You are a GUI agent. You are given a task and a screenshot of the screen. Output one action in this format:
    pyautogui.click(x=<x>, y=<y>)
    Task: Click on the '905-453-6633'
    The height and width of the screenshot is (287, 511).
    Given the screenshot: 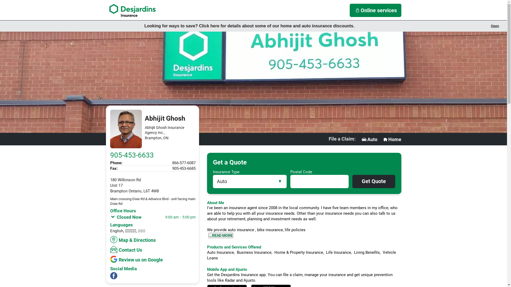 What is the action you would take?
    pyautogui.click(x=132, y=155)
    